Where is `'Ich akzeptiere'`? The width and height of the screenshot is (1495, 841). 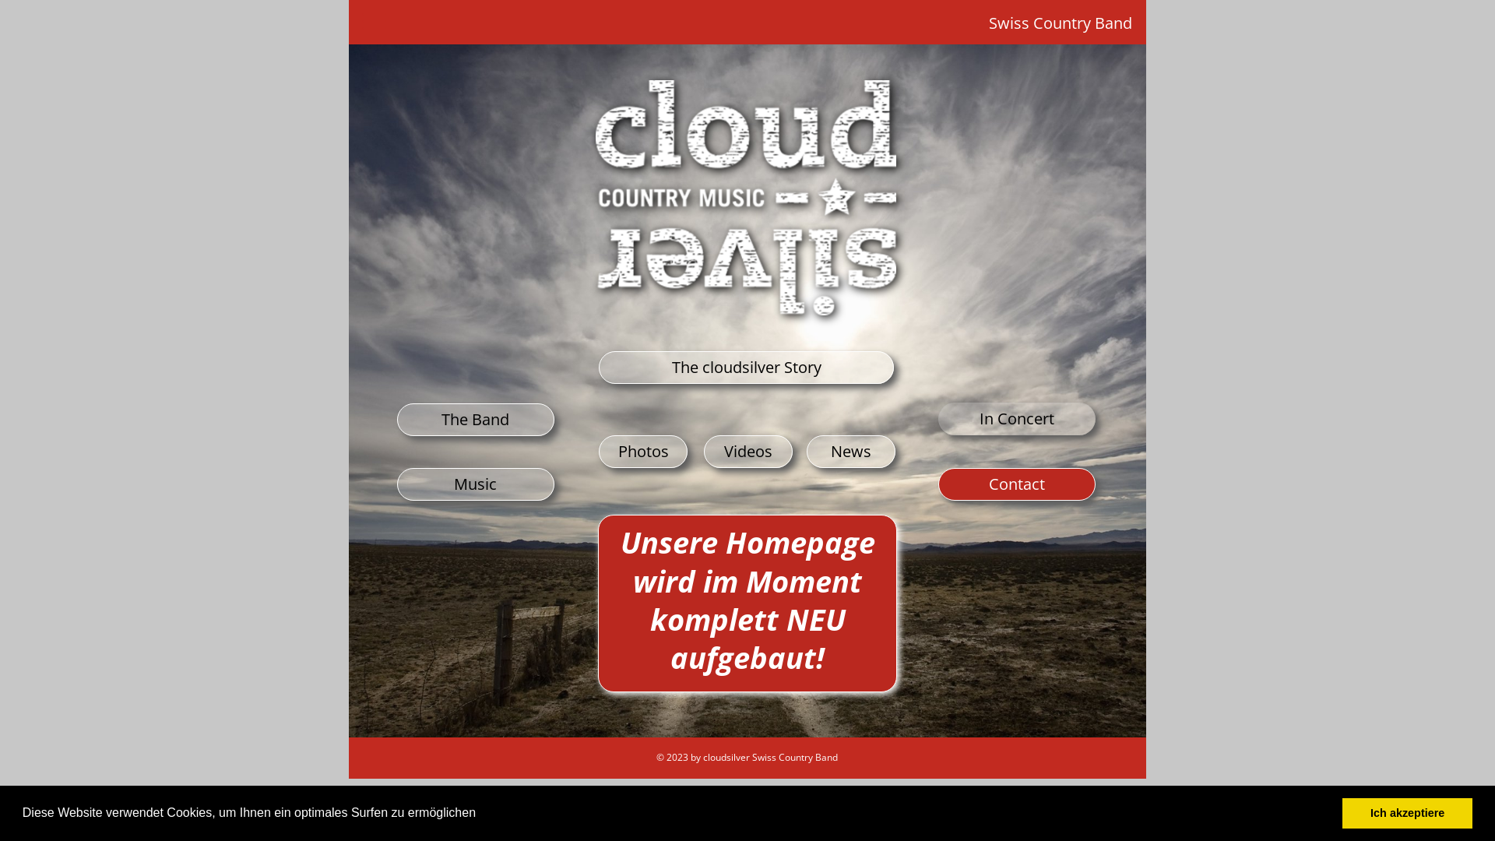 'Ich akzeptiere' is located at coordinates (1407, 812).